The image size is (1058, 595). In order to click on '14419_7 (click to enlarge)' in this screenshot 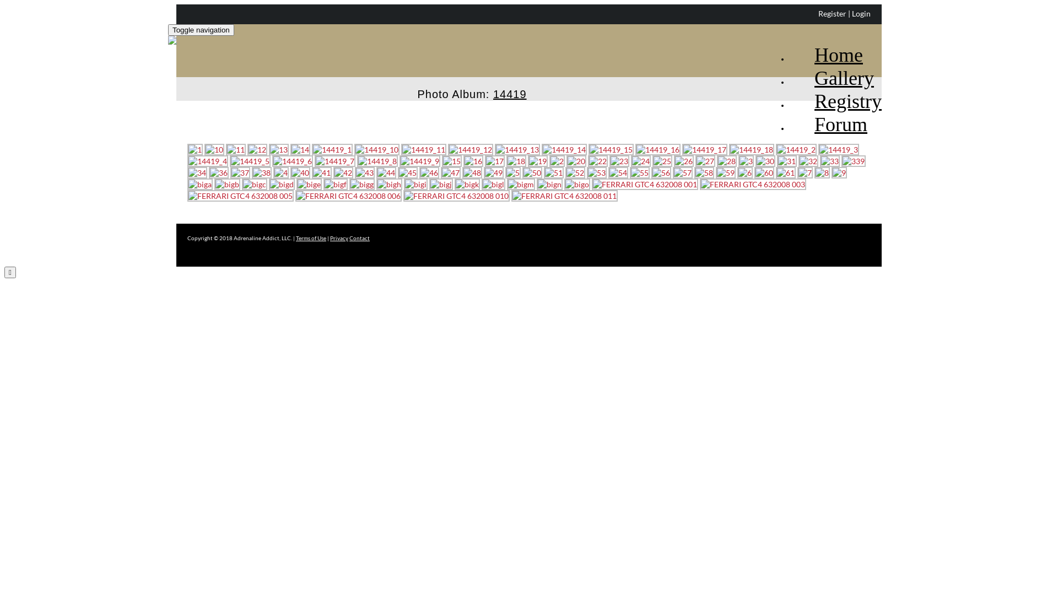, I will do `click(334, 161)`.